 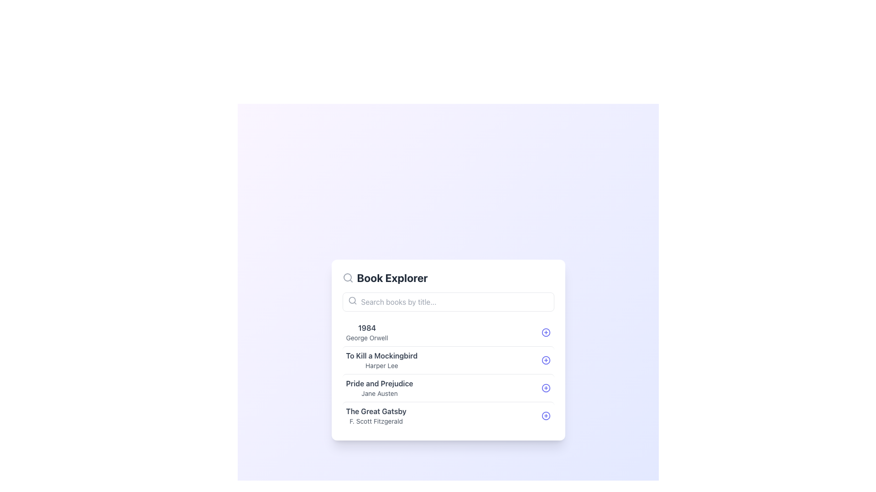 I want to click on text content of the book display located in the 'Book Explorer' panel, which is positioned second from the top, displaying information about a specific book, so click(x=381, y=359).